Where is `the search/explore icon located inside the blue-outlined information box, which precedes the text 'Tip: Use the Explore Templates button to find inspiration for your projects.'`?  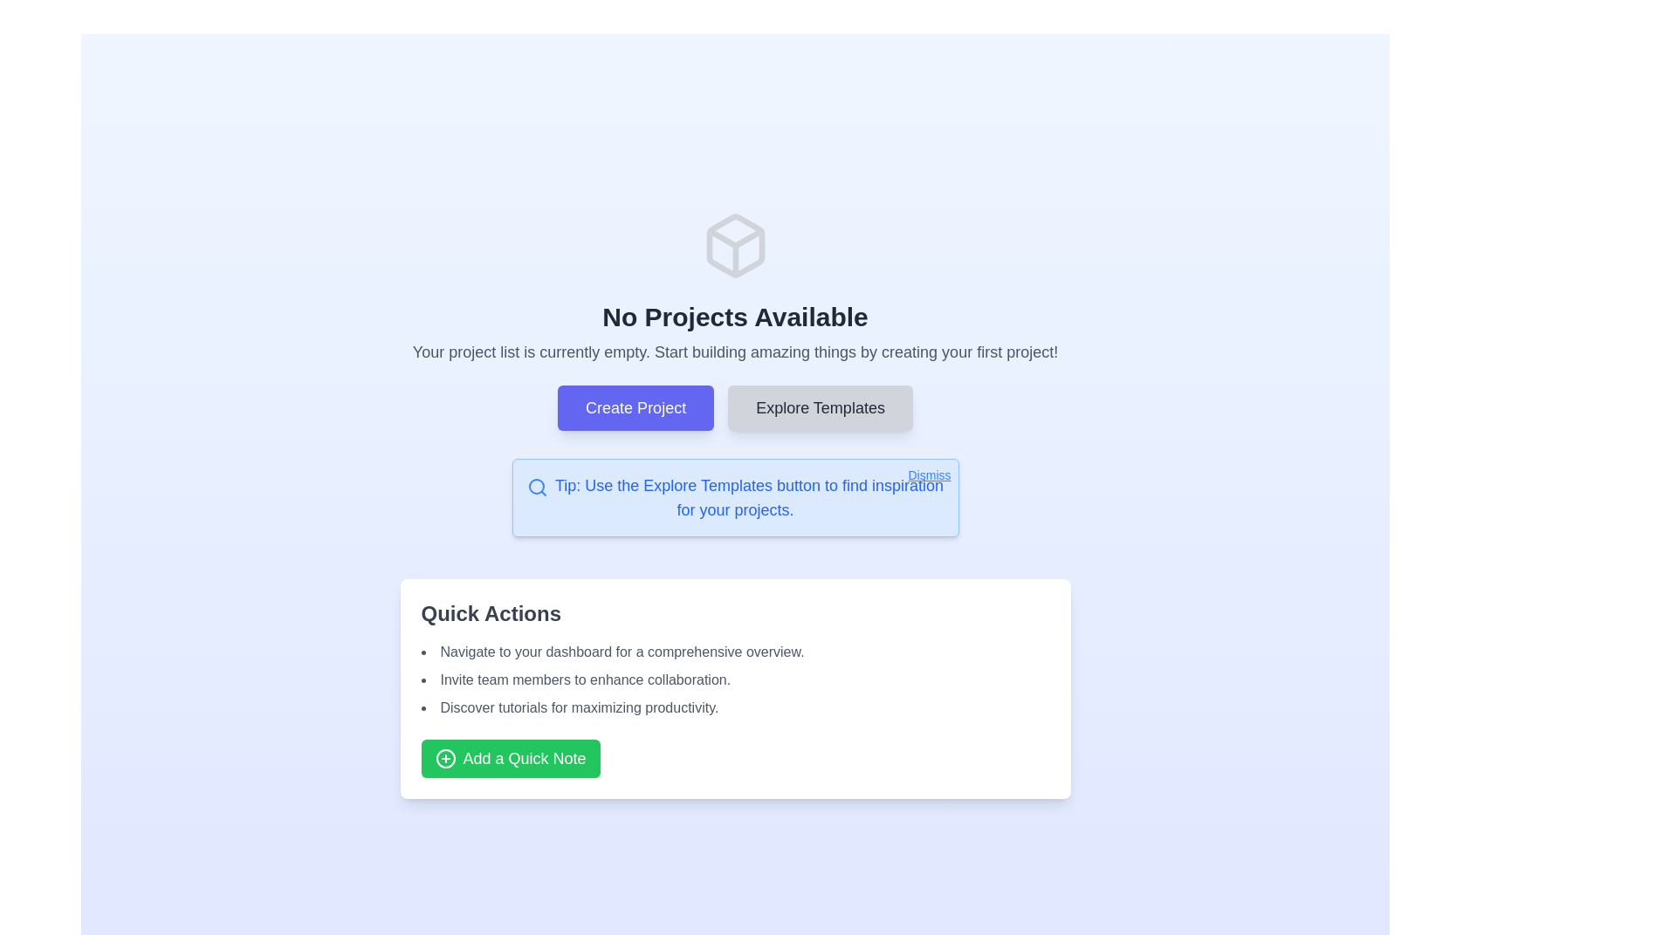 the search/explore icon located inside the blue-outlined information box, which precedes the text 'Tip: Use the Explore Templates button to find inspiration for your projects.' is located at coordinates (536, 487).